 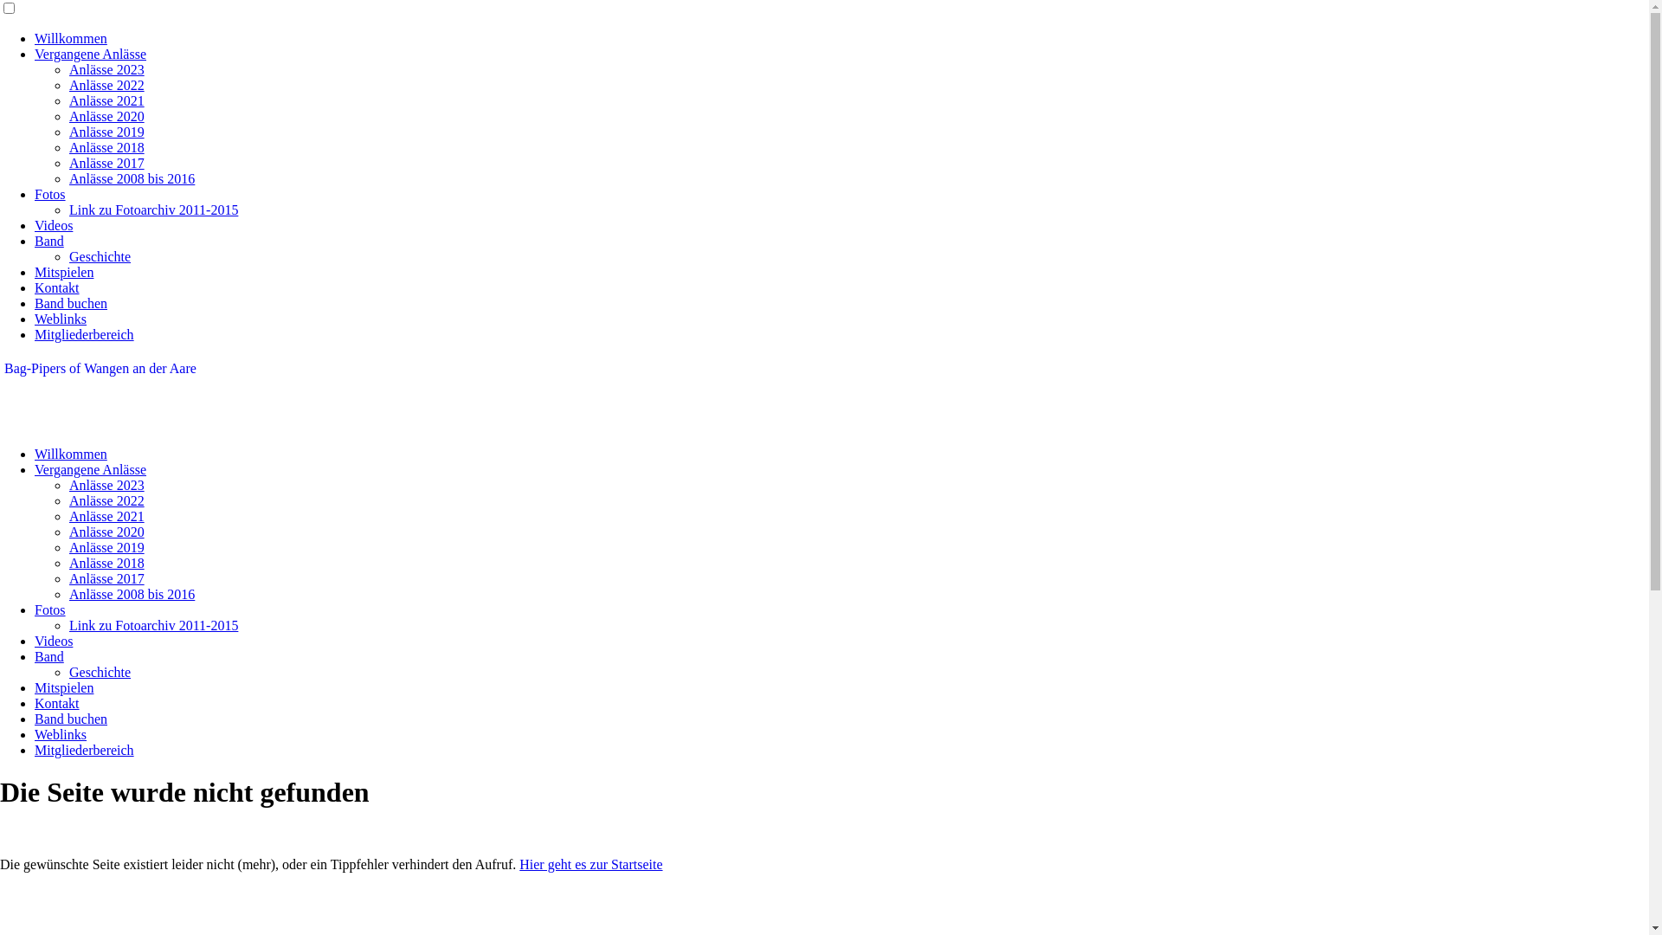 I want to click on 'Band', so click(x=49, y=656).